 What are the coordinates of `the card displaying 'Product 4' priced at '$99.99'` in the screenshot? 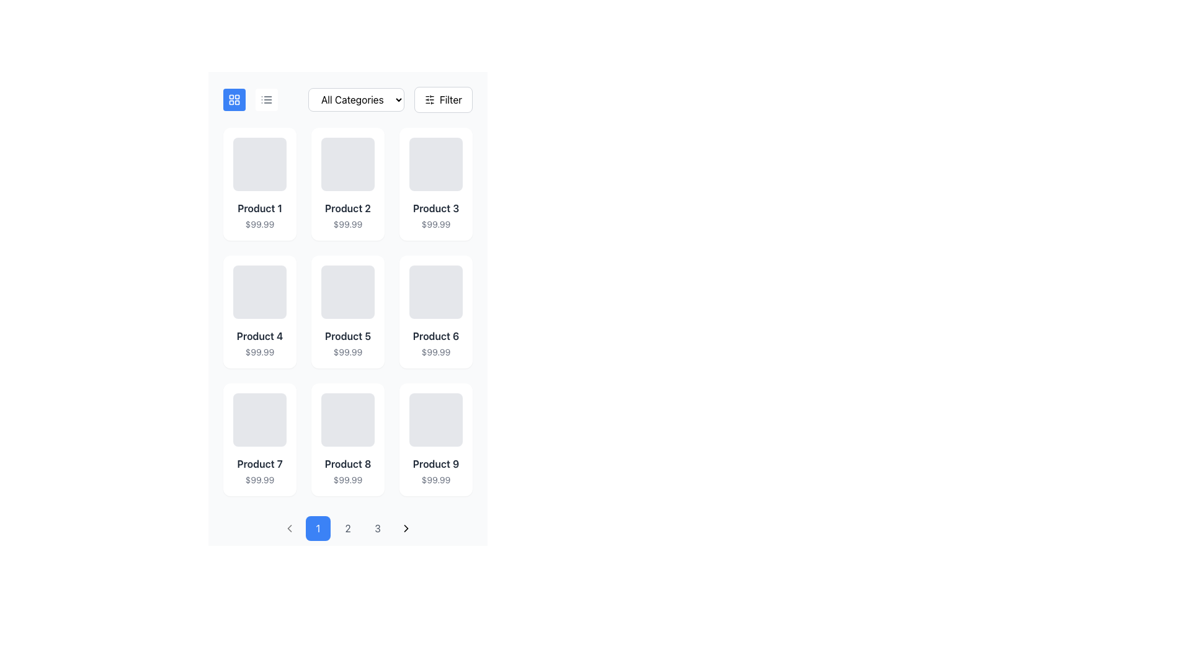 It's located at (259, 311).